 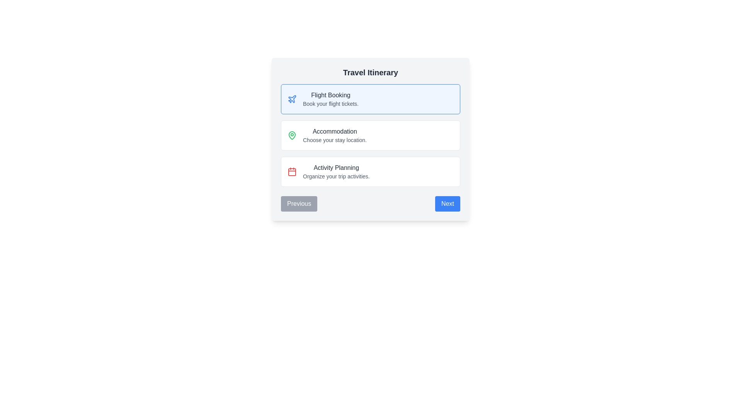 What do you see at coordinates (336, 171) in the screenshot?
I see `the text element titled 'Activity Planning' which includes the subtitle 'Organize your trip activities.' located within the third card under the 'Travel Itinerary' header` at bounding box center [336, 171].